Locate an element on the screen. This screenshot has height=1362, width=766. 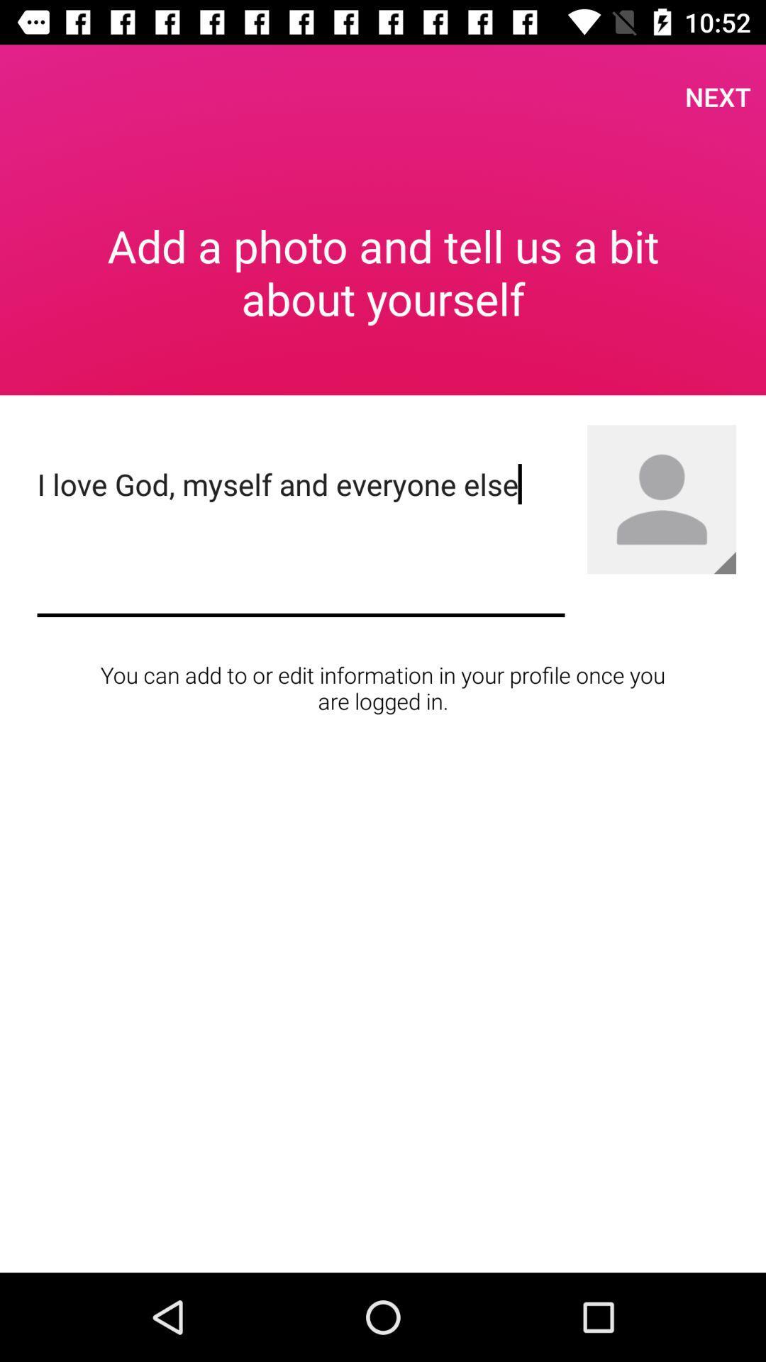
item above add a photo is located at coordinates (718, 96).